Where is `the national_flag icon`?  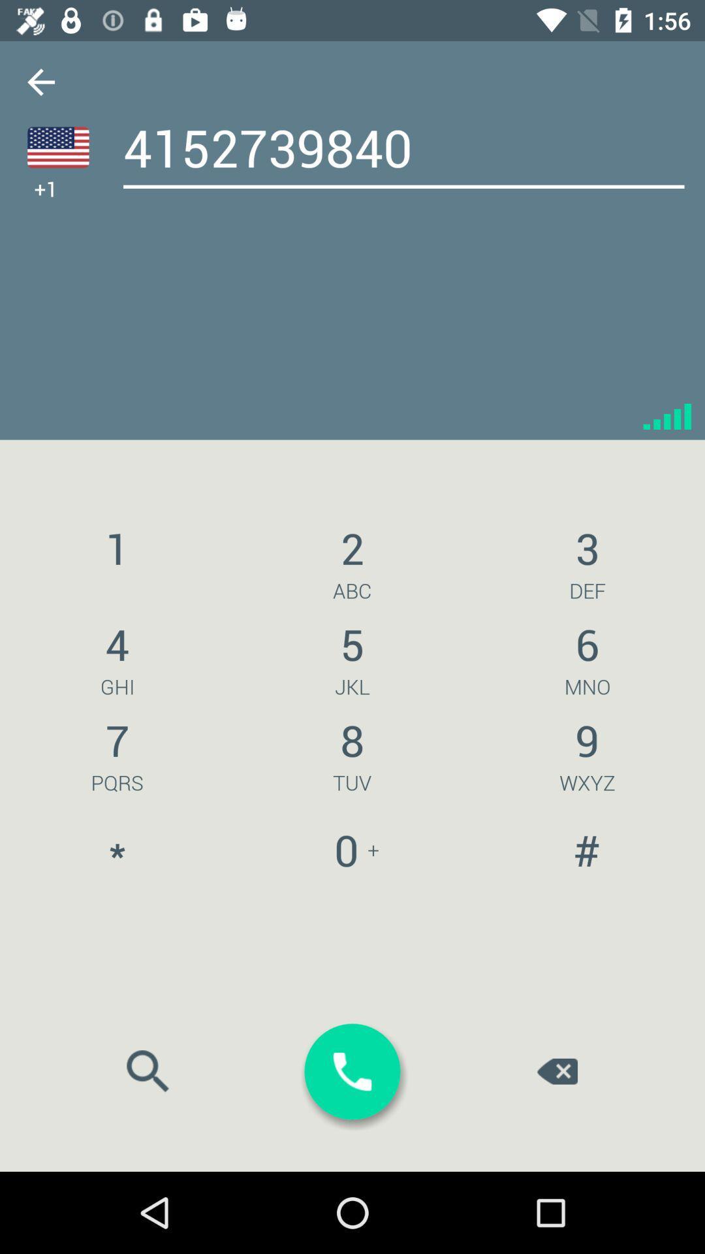
the national_flag icon is located at coordinates (57, 147).